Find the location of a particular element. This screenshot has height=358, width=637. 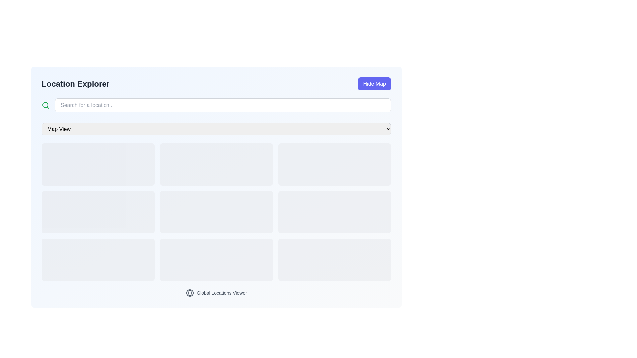

the decorative globe icon located to the left of the text 'Global Locations Viewer' at the bottom of the interface is located at coordinates (190, 292).